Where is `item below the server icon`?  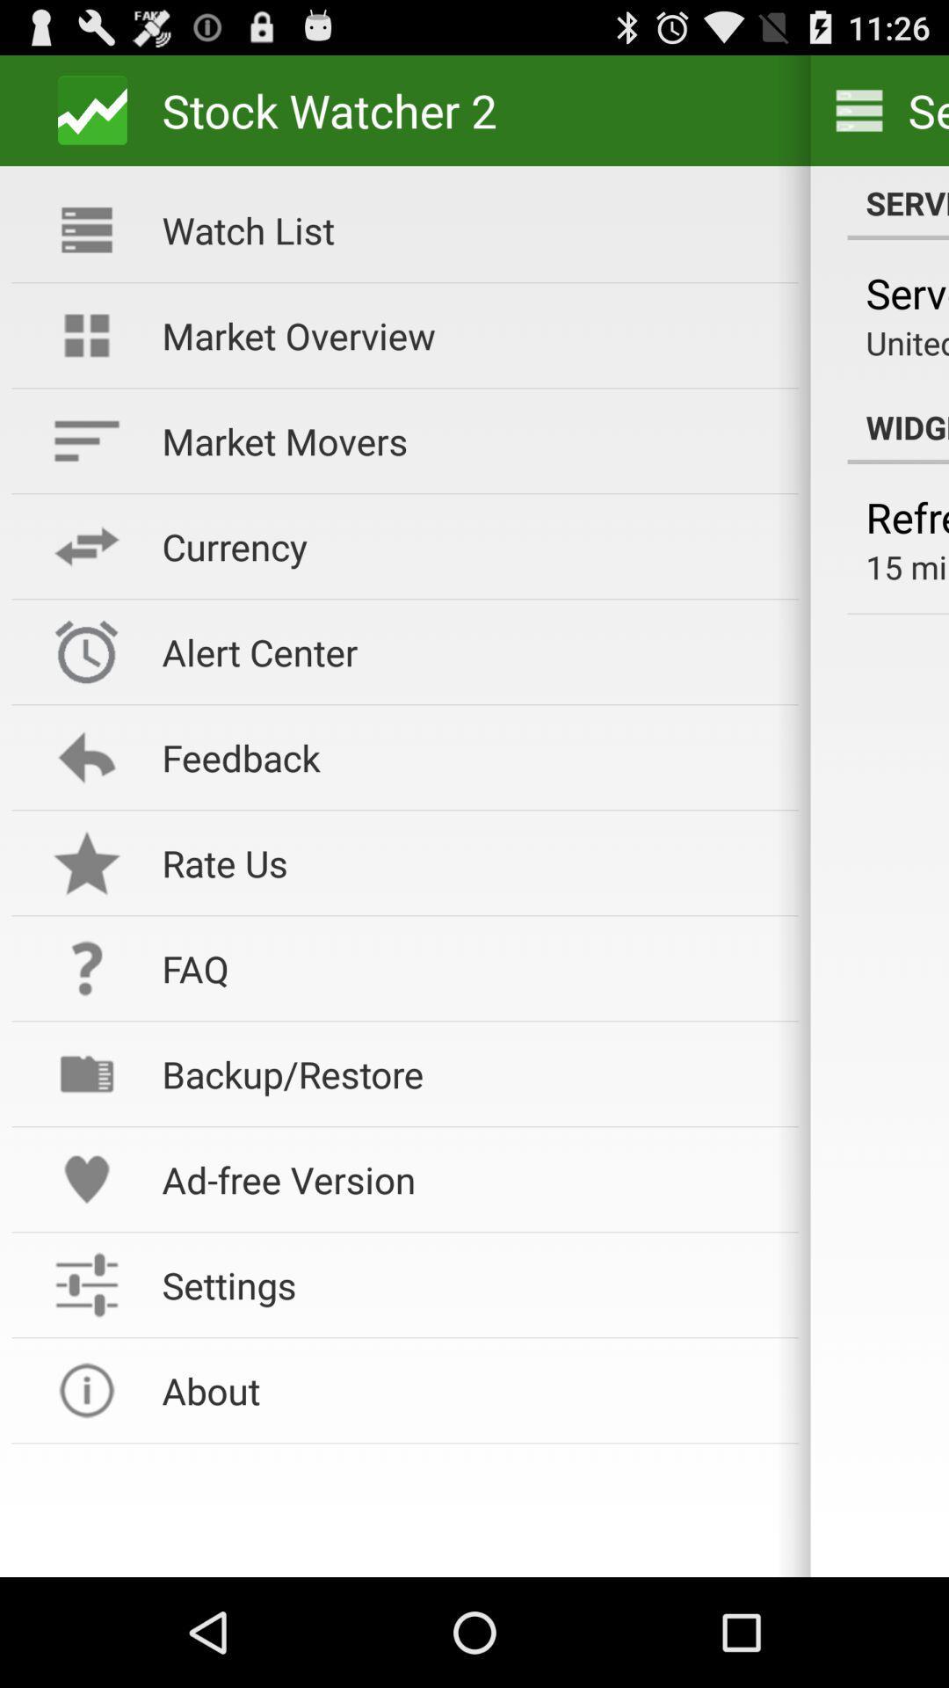 item below the server icon is located at coordinates (907, 342).